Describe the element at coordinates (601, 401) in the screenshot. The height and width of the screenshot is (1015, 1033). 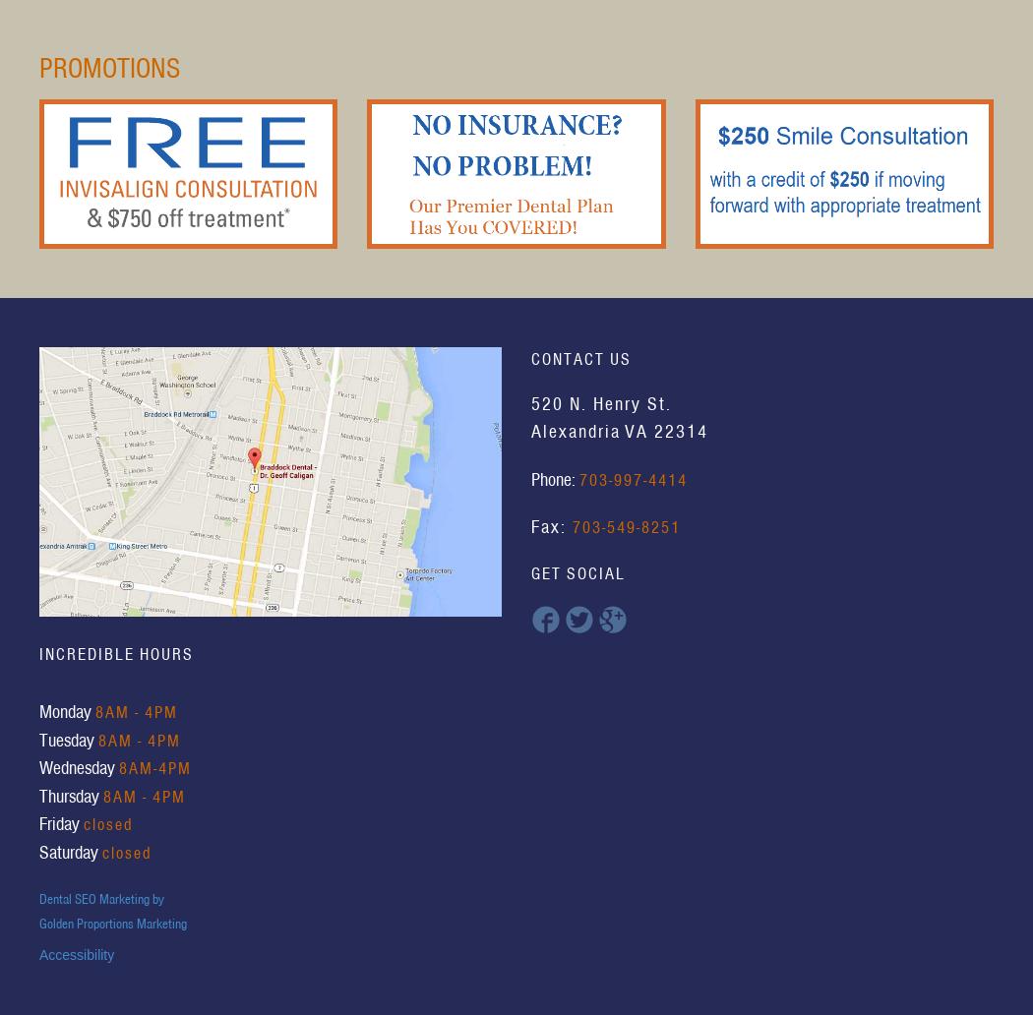
I see `'520 N. Henry St.'` at that location.